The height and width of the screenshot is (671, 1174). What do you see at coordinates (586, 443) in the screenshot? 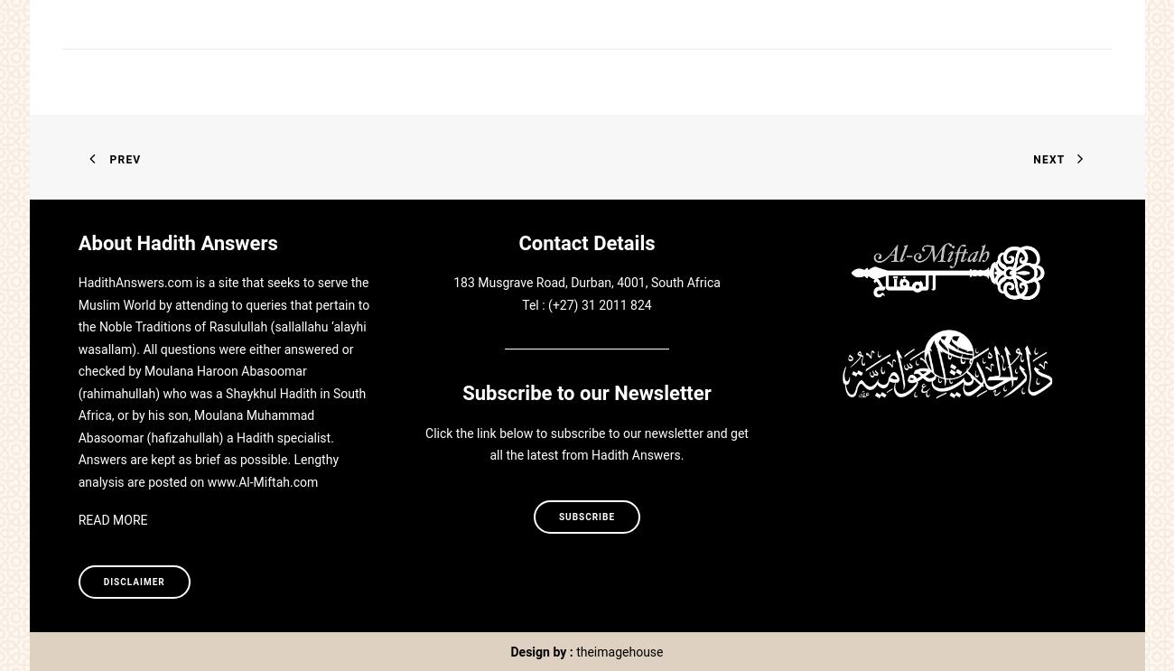
I see `'Click the link below to subscribe to our newsletter and get all the latest from Hadith Answers.'` at bounding box center [586, 443].